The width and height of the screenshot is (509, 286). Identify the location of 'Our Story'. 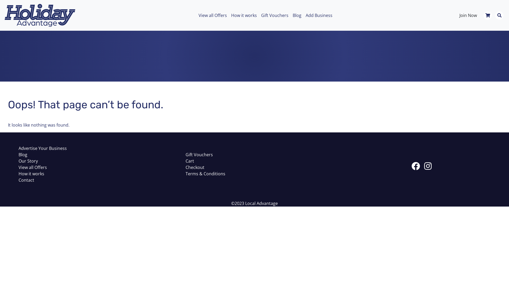
(19, 161).